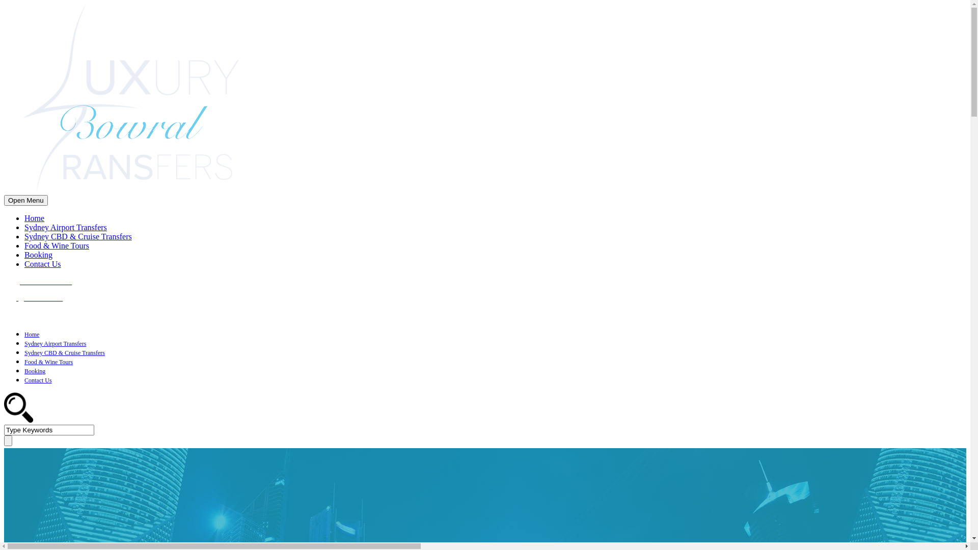 This screenshot has height=550, width=978. I want to click on 'Food & Wine Tours', so click(48, 361).